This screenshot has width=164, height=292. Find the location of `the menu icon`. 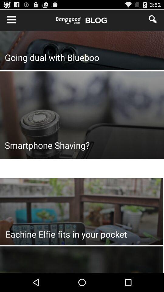

the menu icon is located at coordinates (8, 20).